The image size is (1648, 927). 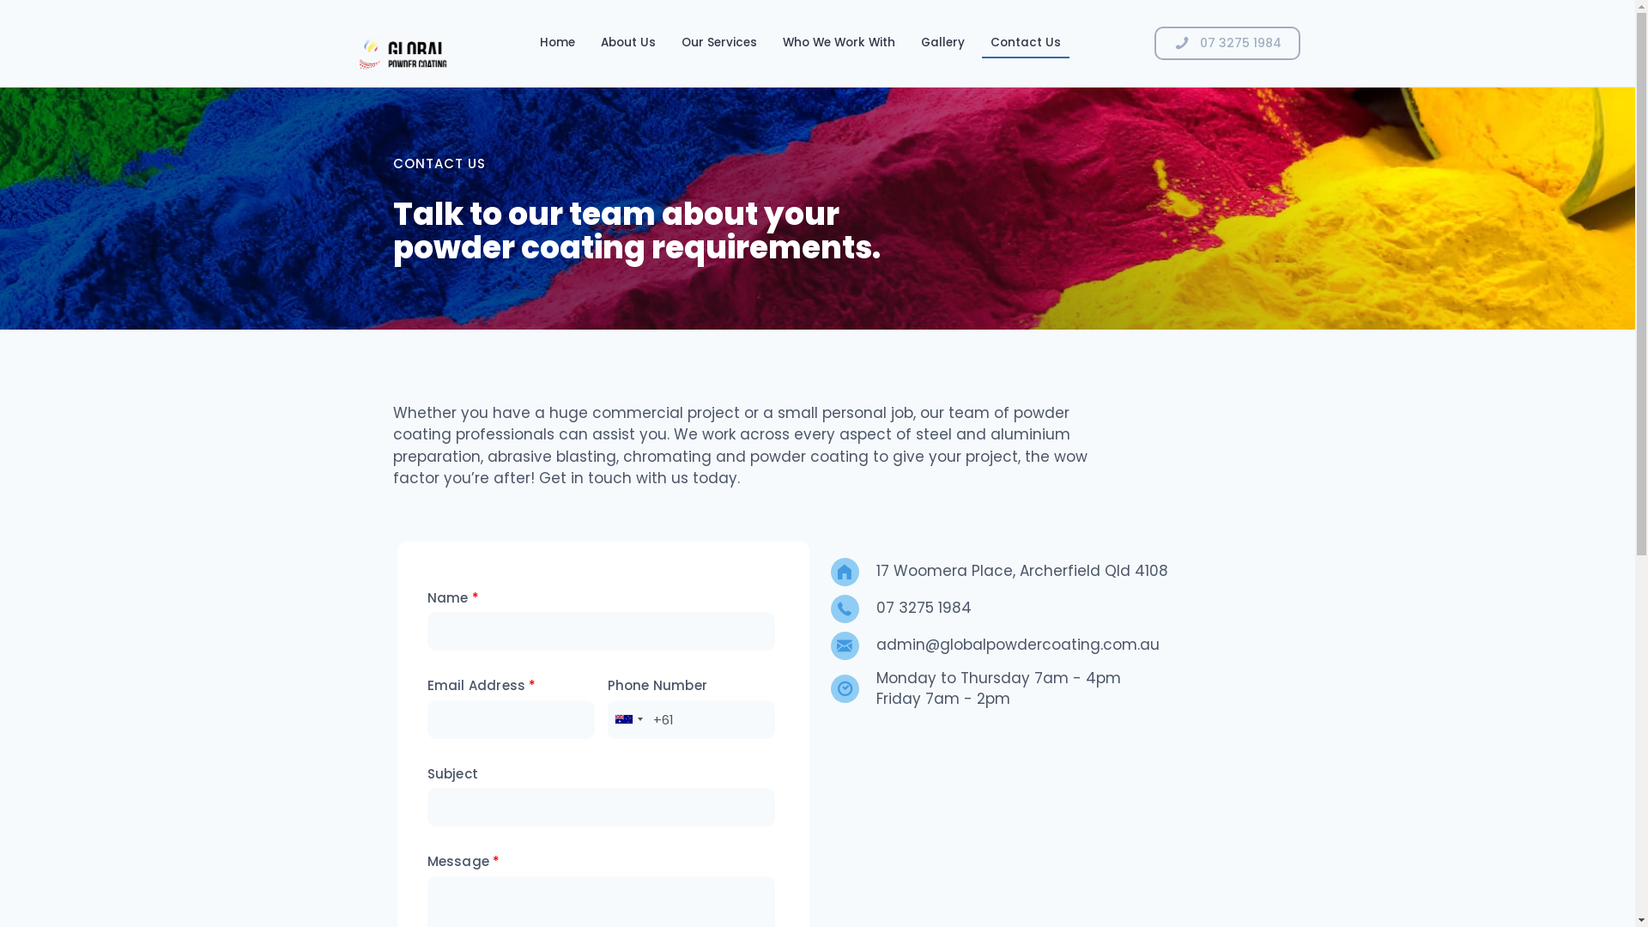 What do you see at coordinates (1021, 570) in the screenshot?
I see `'17 Woomera Place, Archerfield Qld 4108'` at bounding box center [1021, 570].